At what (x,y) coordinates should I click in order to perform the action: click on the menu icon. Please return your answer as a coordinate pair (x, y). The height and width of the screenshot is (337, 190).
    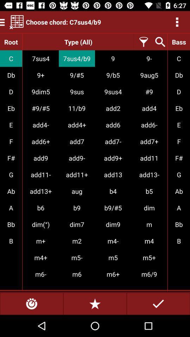
    Looking at the image, I should click on (3, 22).